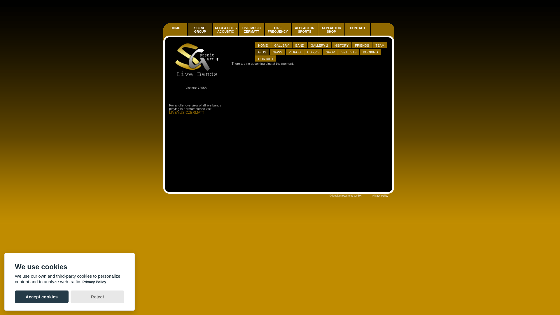 Image resolution: width=560 pixels, height=315 pixels. Describe the element at coordinates (278, 32) in the screenshot. I see `'HIRE` at that location.